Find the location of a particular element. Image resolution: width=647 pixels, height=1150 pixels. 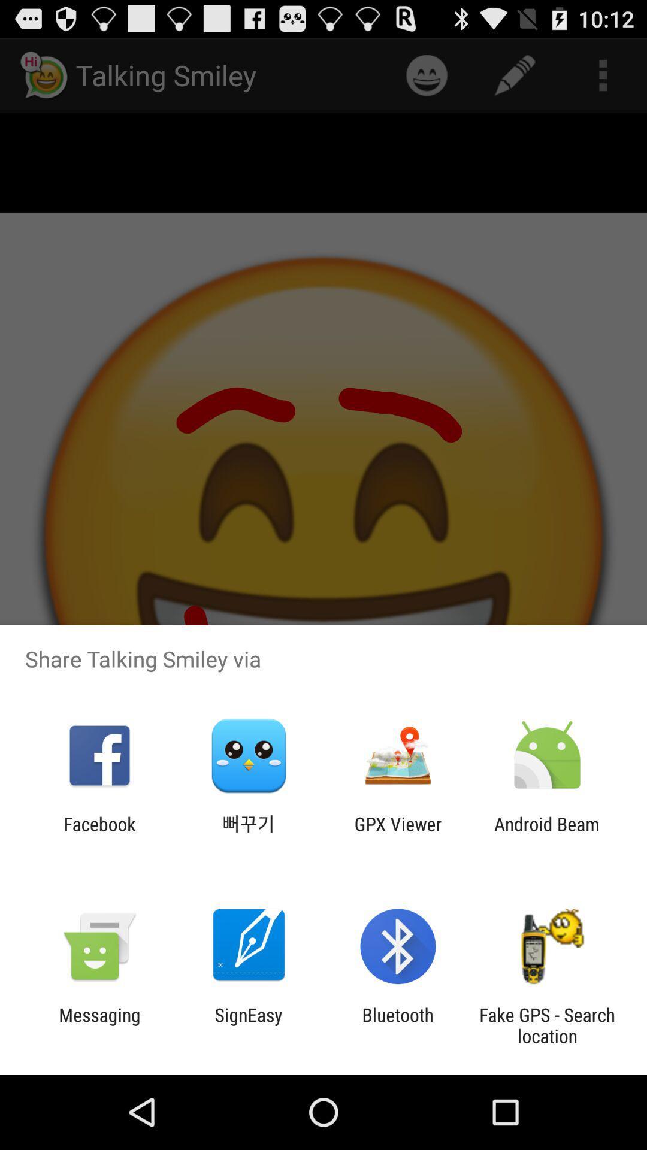

the signeasy icon is located at coordinates (248, 1025).